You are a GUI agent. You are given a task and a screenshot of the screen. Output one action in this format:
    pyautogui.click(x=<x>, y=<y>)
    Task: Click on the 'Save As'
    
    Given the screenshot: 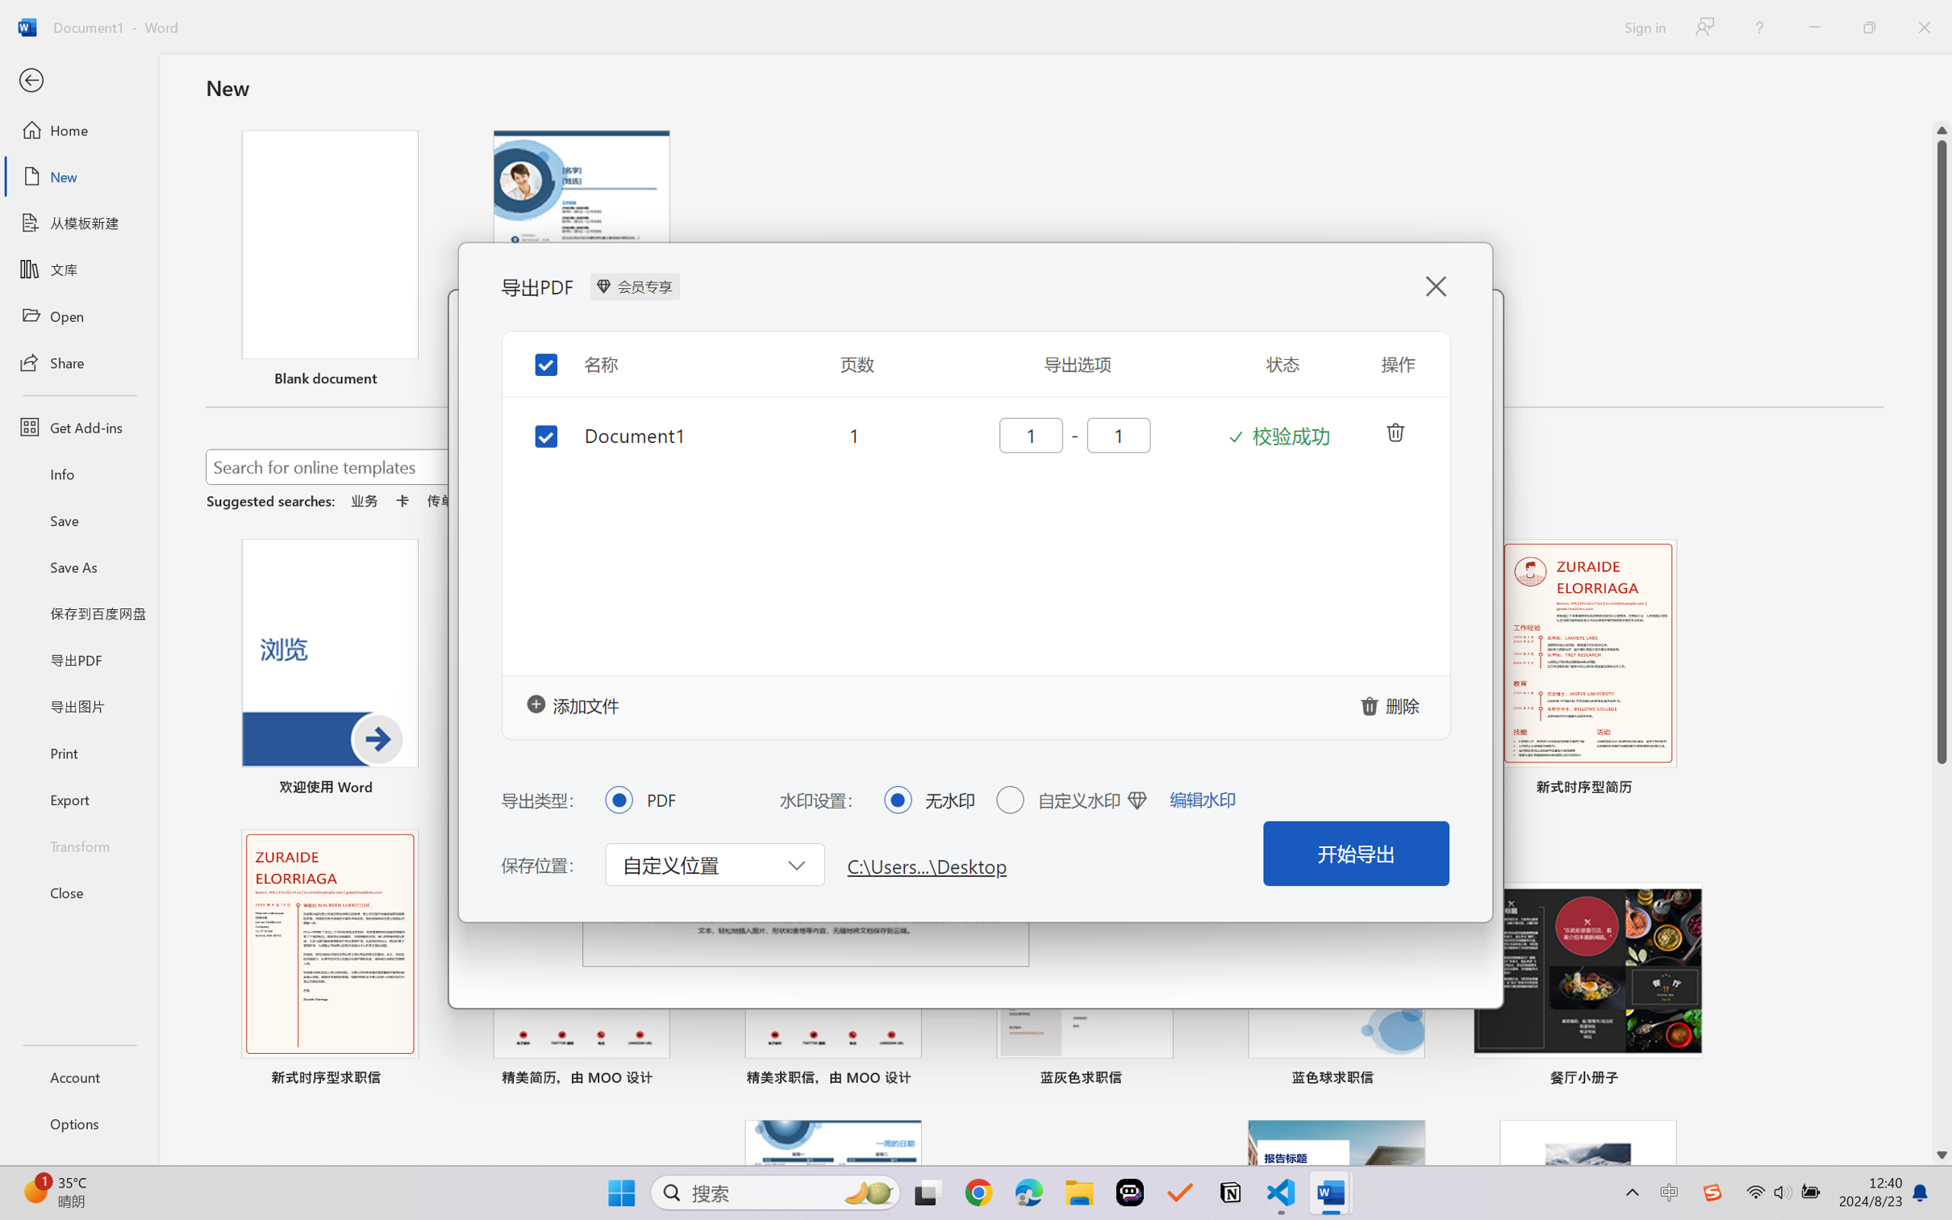 What is the action you would take?
    pyautogui.click(x=78, y=566)
    